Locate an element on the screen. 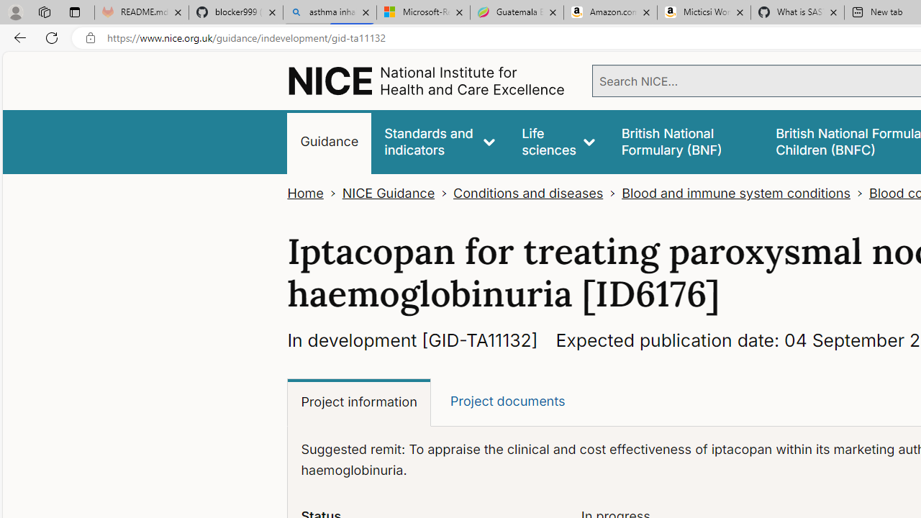 The image size is (921, 518). 'Conditions and diseases>' is located at coordinates (537, 193).